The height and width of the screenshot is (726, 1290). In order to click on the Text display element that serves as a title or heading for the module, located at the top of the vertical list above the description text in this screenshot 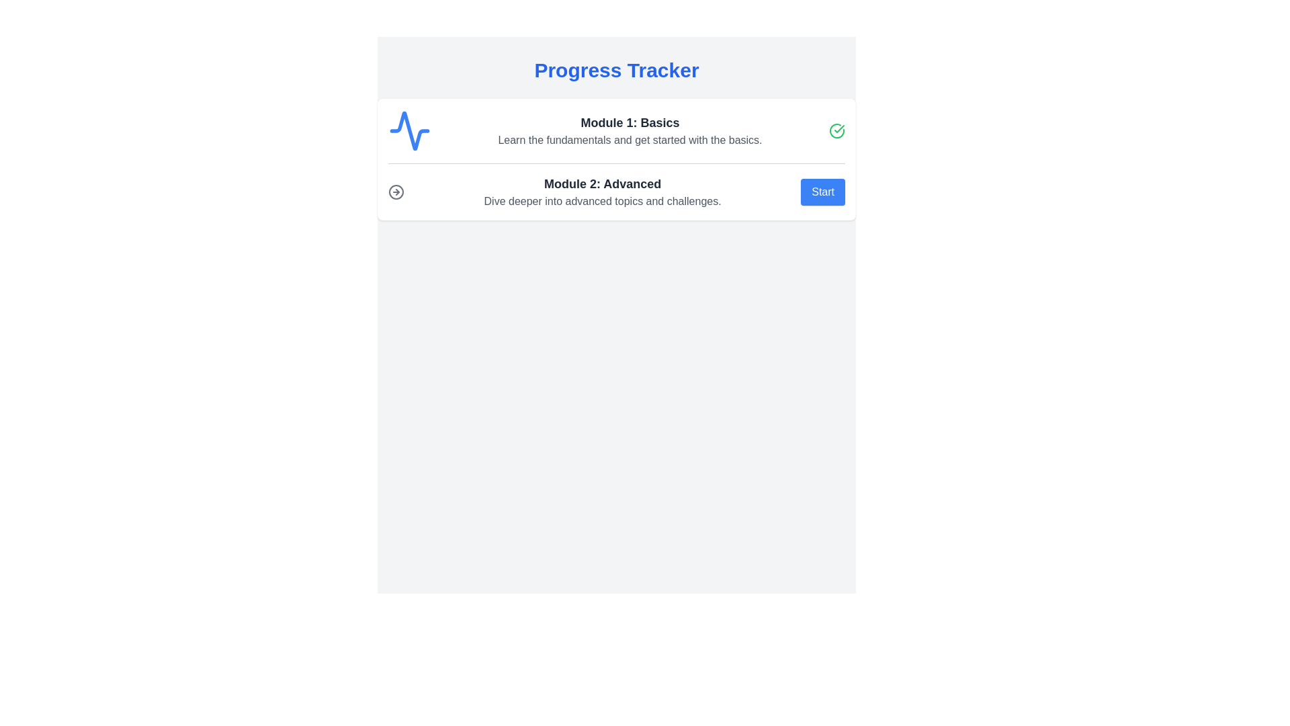, I will do `click(629, 122)`.